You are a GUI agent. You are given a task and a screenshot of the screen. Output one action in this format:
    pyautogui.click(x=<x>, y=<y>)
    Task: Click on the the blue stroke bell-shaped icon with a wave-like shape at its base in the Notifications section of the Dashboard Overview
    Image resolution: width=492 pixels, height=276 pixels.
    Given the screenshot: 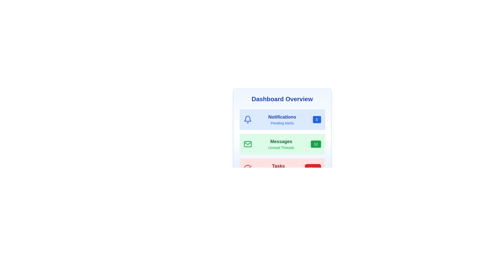 What is the action you would take?
    pyautogui.click(x=248, y=119)
    